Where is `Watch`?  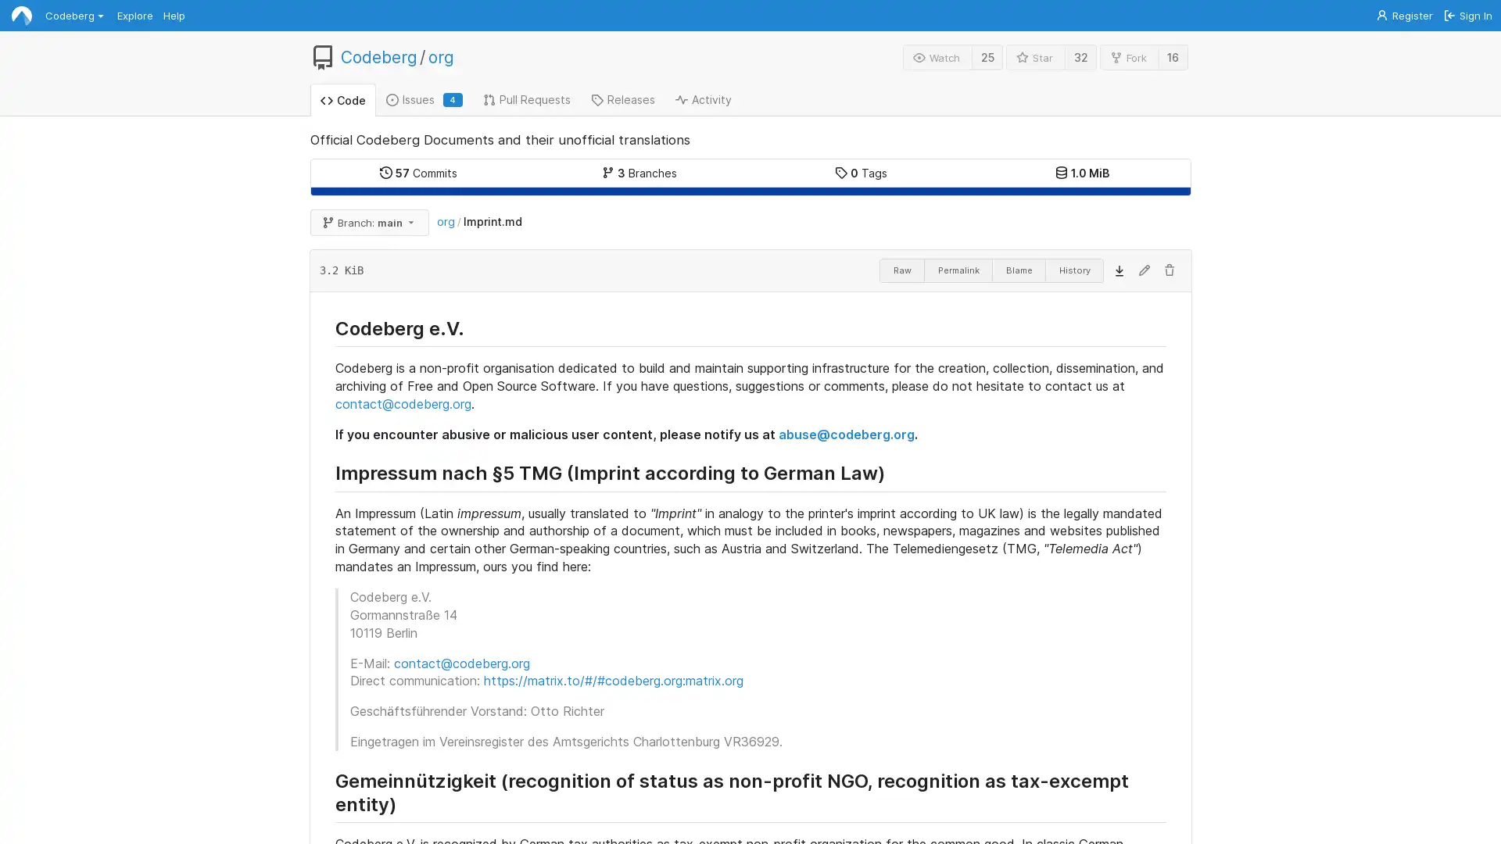 Watch is located at coordinates (937, 56).